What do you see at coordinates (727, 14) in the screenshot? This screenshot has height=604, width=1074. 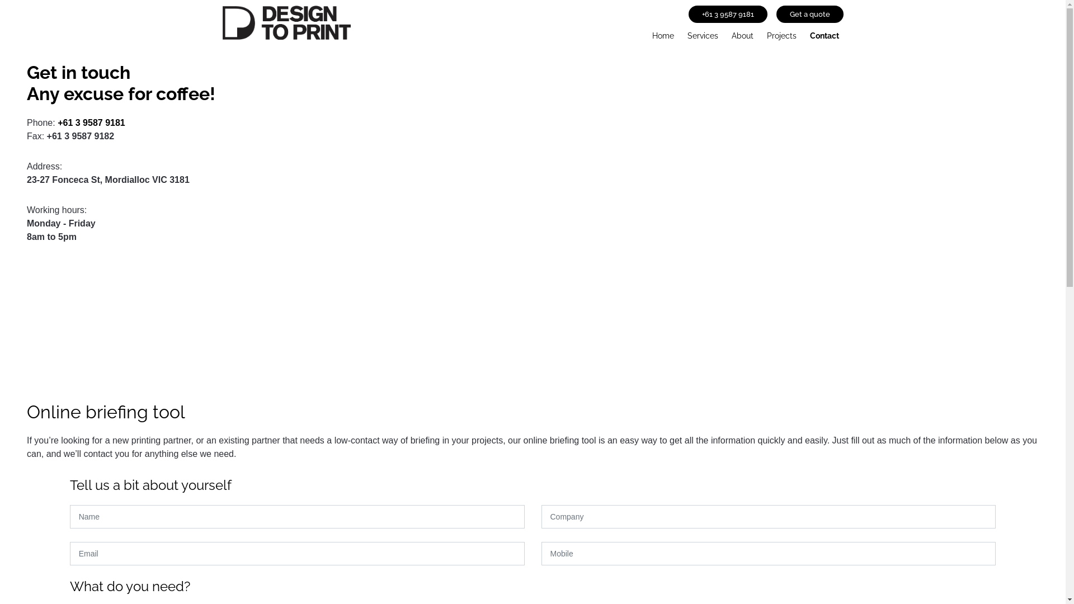 I see `'+61 3 9587 9181'` at bounding box center [727, 14].